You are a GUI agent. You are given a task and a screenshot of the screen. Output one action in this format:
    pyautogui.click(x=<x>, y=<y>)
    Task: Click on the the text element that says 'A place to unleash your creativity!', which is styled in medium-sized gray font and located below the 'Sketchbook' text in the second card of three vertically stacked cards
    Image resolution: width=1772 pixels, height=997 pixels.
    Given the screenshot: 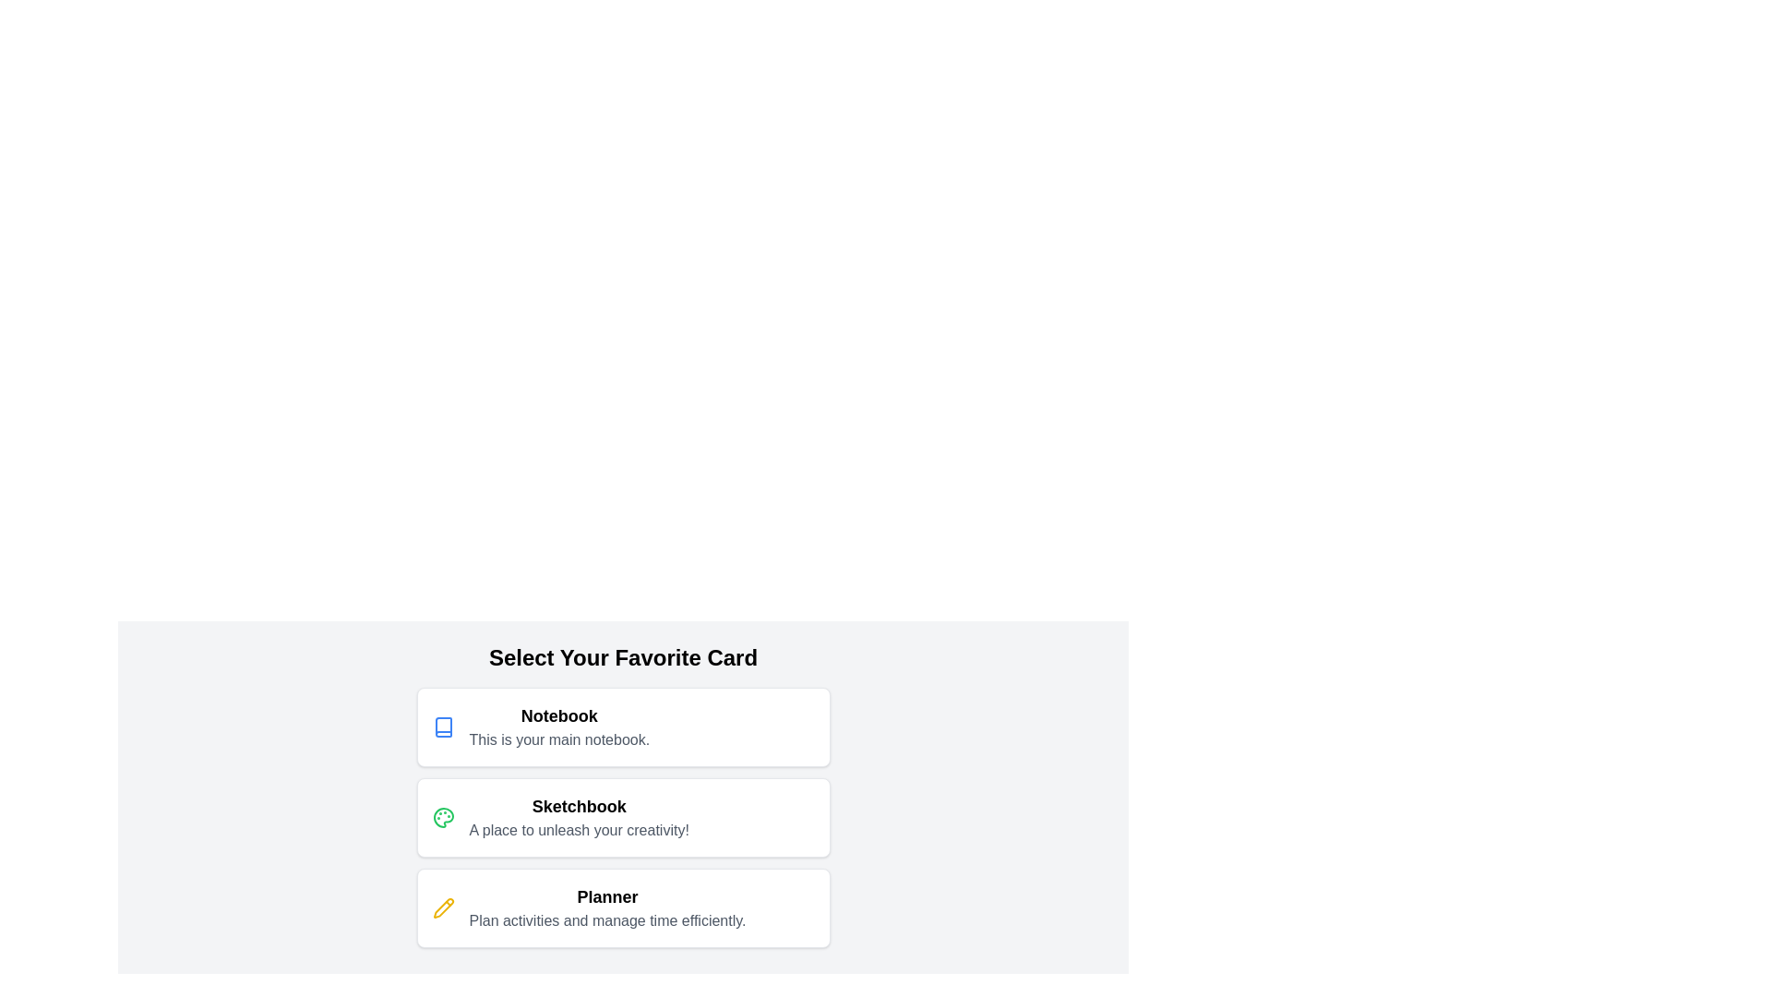 What is the action you would take?
    pyautogui.click(x=578, y=829)
    